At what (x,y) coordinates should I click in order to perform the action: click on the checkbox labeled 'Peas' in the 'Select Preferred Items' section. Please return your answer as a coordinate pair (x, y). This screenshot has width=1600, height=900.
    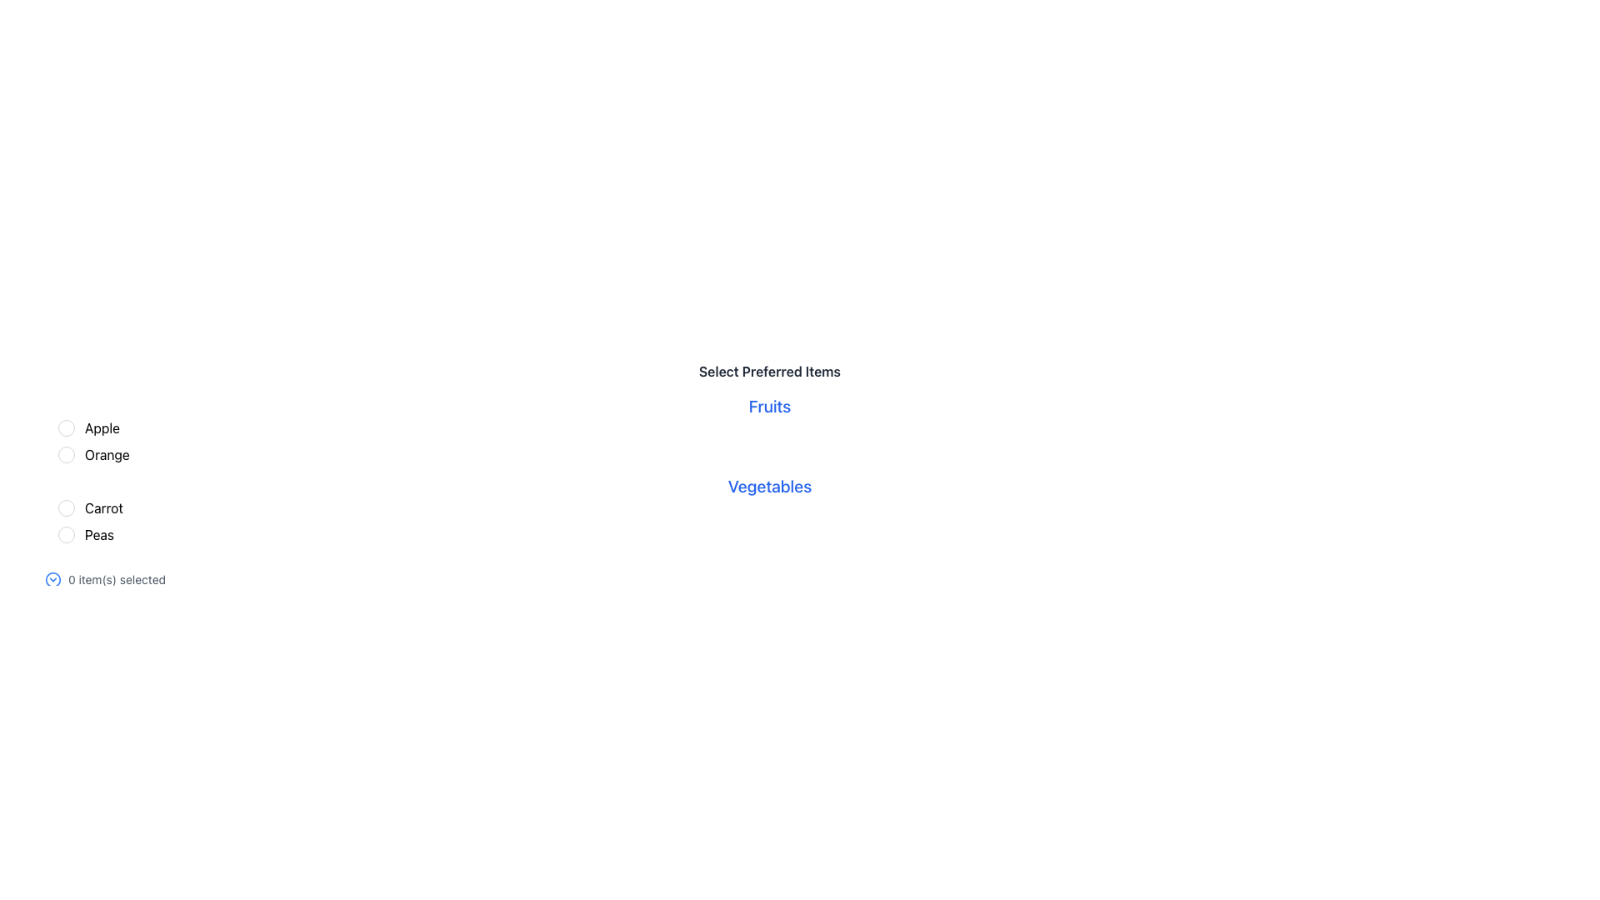
    Looking at the image, I should click on (775, 534).